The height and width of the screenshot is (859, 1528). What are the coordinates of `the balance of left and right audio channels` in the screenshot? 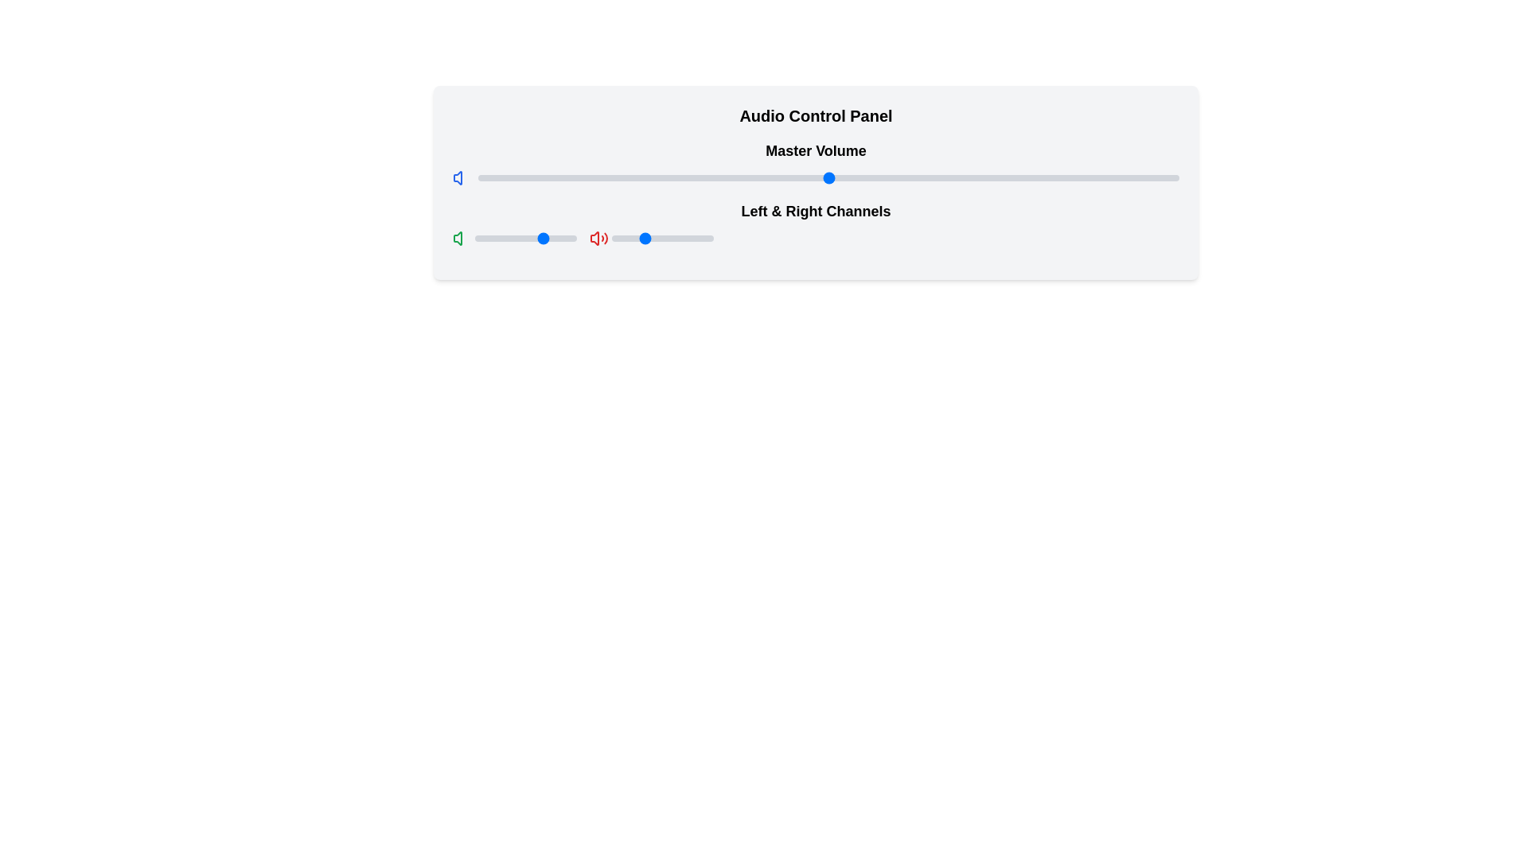 It's located at (687, 239).